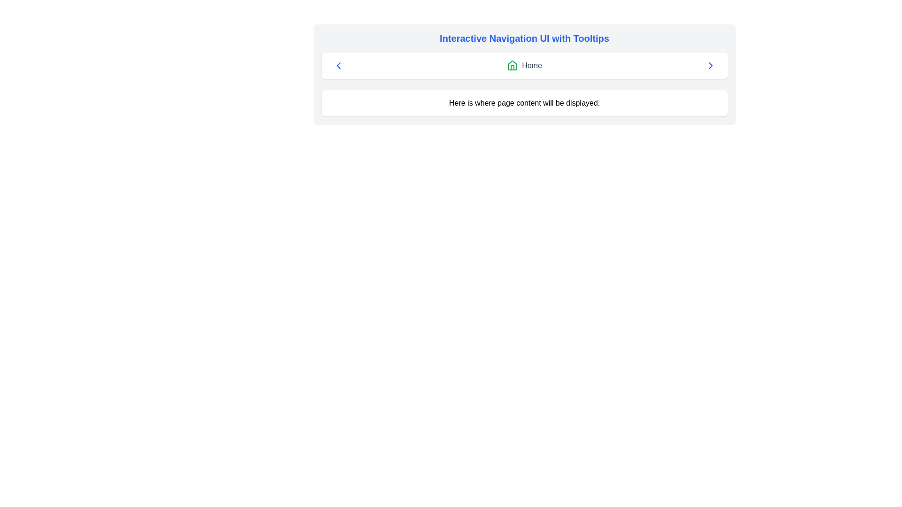 The height and width of the screenshot is (507, 902). What do you see at coordinates (338, 65) in the screenshot?
I see `the navigational back icon located to the left of the home icon in the horizontal navigation section at the top of the interface` at bounding box center [338, 65].